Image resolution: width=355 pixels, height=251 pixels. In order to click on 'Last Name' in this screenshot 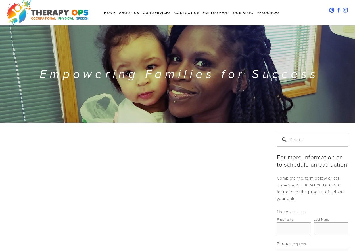, I will do `click(322, 219)`.